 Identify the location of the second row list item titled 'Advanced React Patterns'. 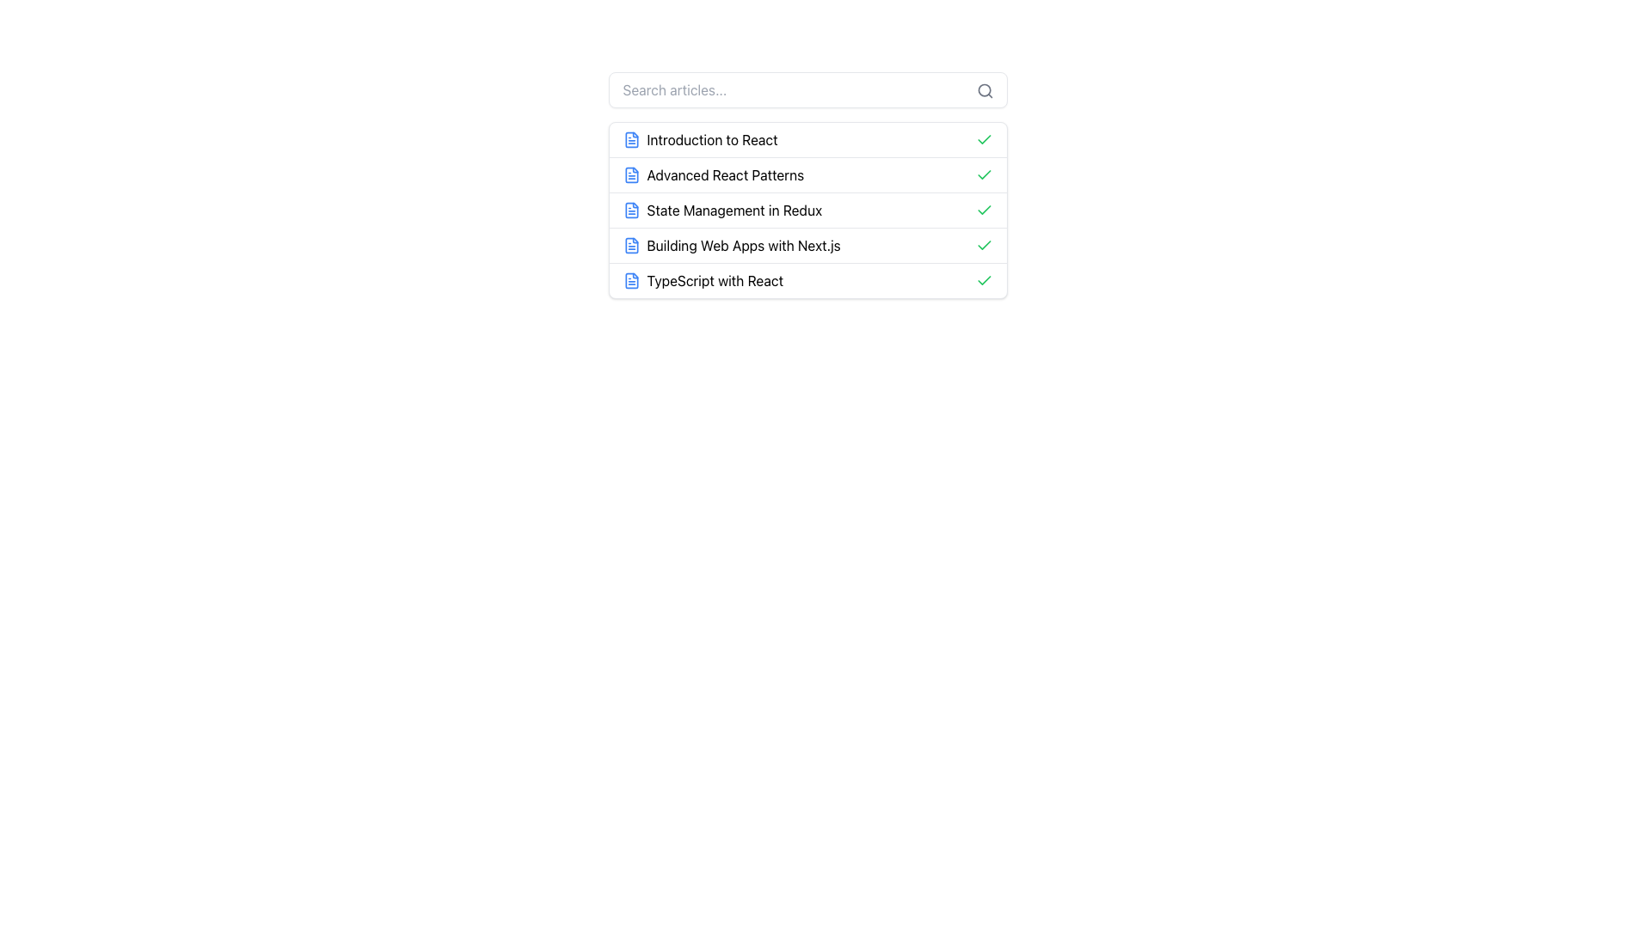
(713, 175).